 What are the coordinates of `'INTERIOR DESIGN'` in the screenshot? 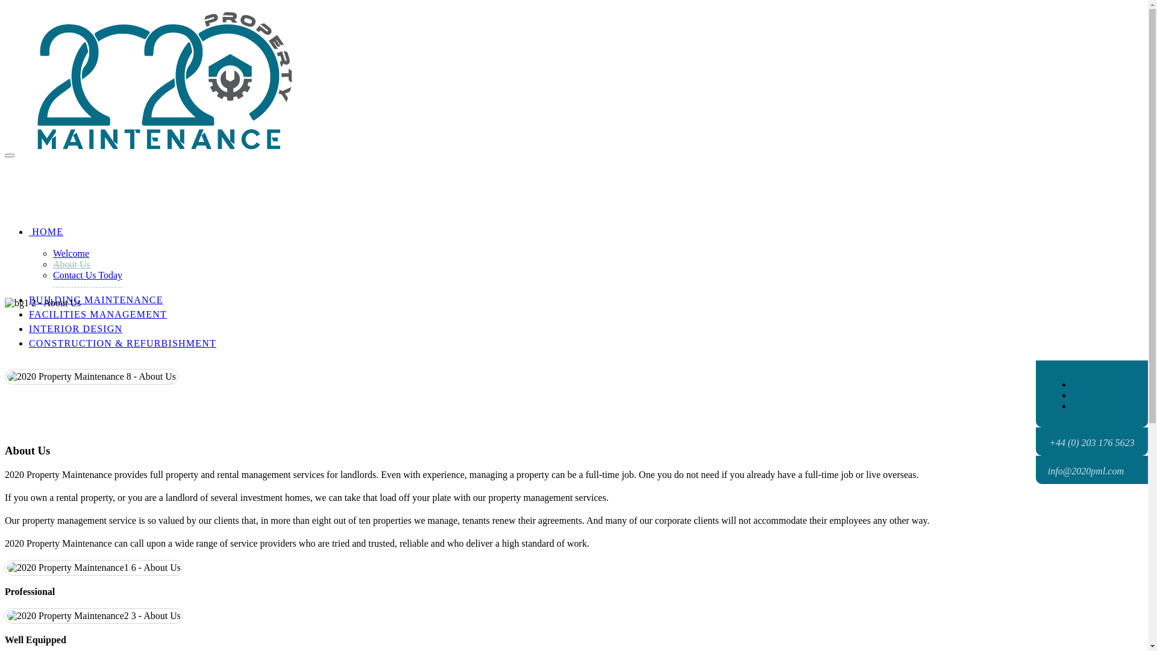 It's located at (75, 329).